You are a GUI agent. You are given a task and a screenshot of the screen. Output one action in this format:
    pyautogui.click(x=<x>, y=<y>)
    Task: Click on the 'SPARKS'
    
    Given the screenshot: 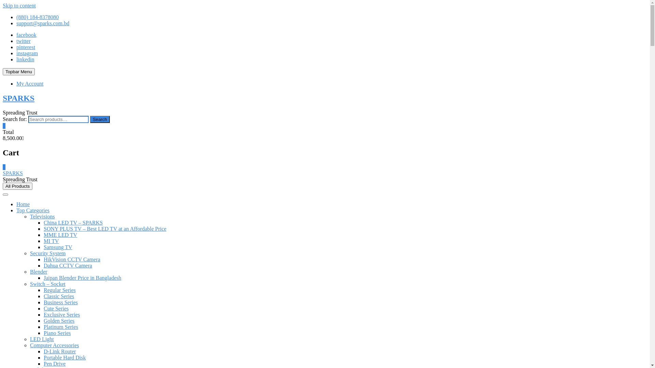 What is the action you would take?
    pyautogui.click(x=18, y=98)
    